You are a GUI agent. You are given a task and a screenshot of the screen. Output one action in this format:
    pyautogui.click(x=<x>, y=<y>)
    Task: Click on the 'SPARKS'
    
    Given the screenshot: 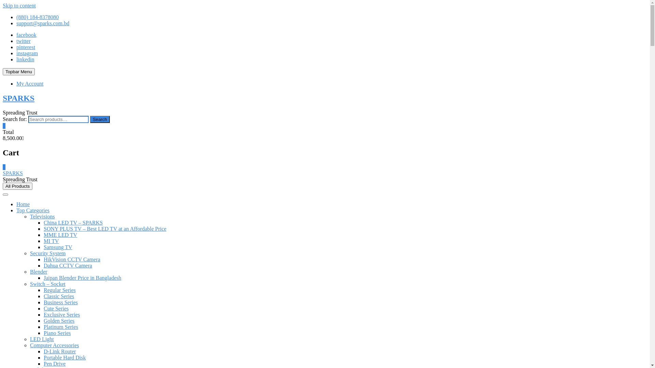 What is the action you would take?
    pyautogui.click(x=18, y=98)
    